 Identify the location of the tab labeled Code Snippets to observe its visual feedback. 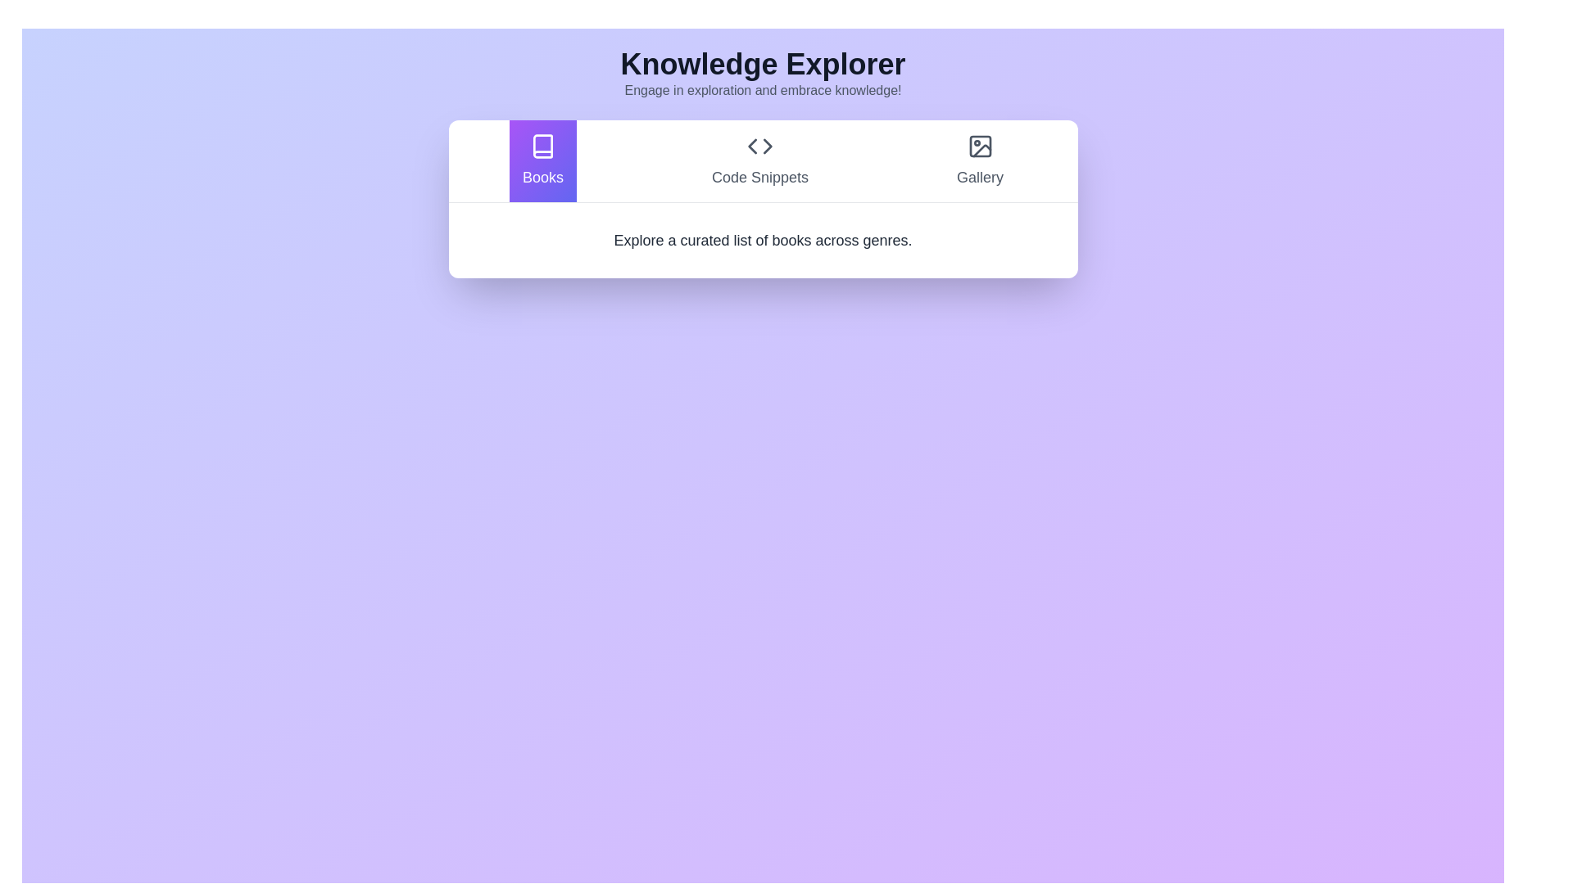
(759, 160).